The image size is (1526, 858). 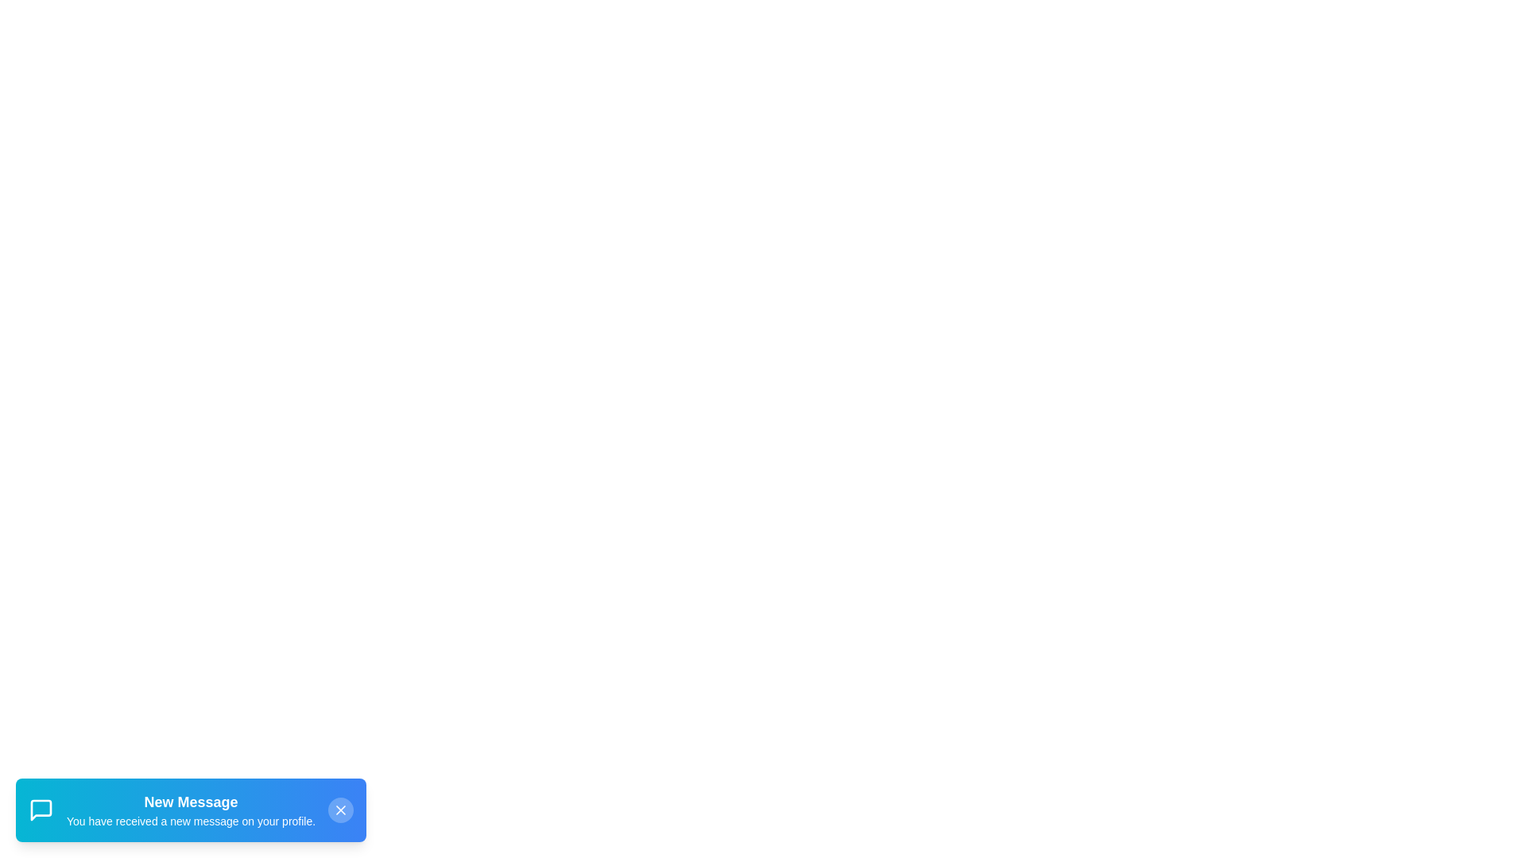 What do you see at coordinates (340, 810) in the screenshot?
I see `the close button to dismiss the snackbar` at bounding box center [340, 810].